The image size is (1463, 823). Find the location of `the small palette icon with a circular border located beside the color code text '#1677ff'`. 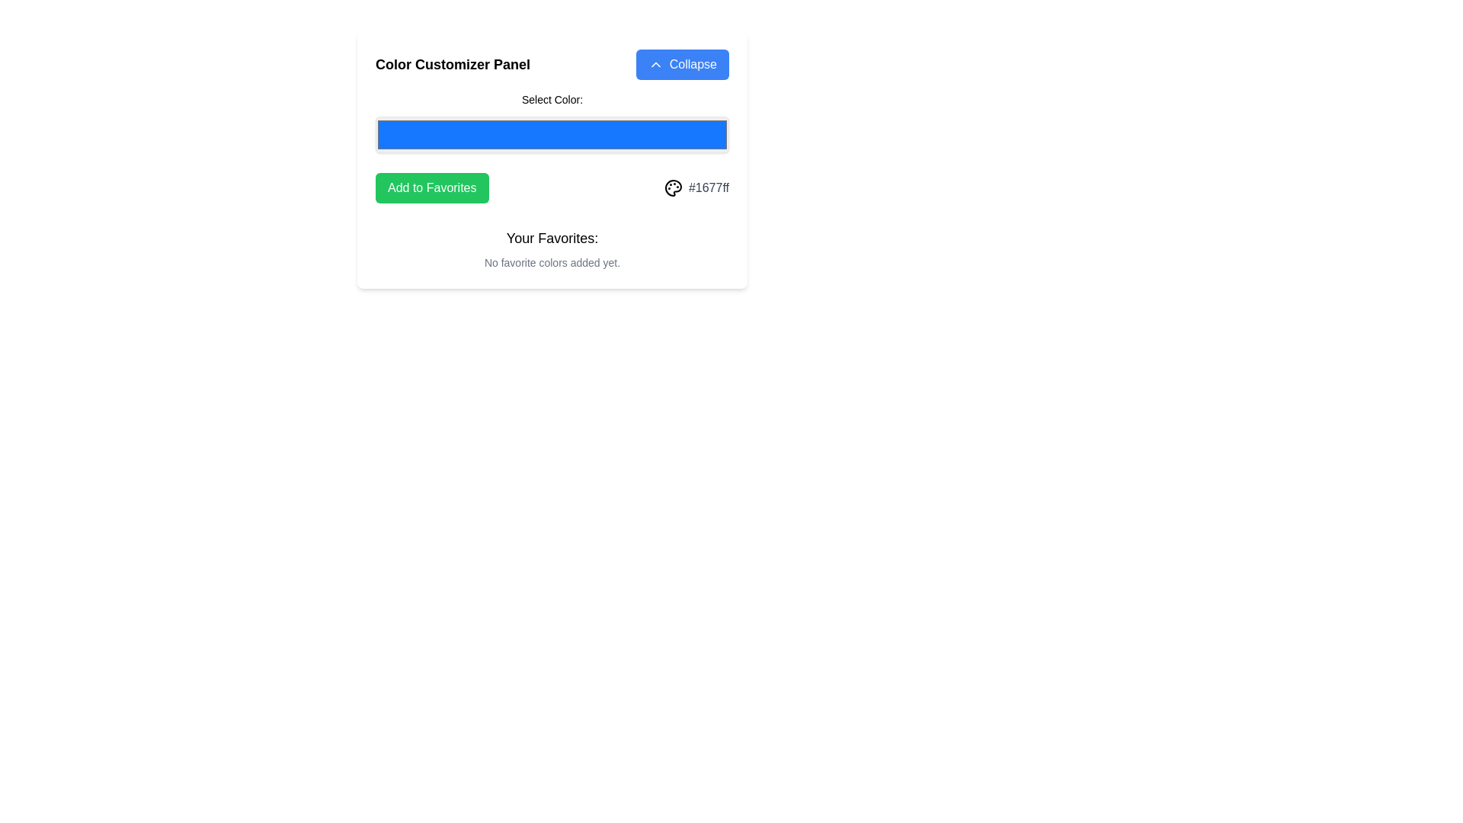

the small palette icon with a circular border located beside the color code text '#1677ff' is located at coordinates (672, 187).